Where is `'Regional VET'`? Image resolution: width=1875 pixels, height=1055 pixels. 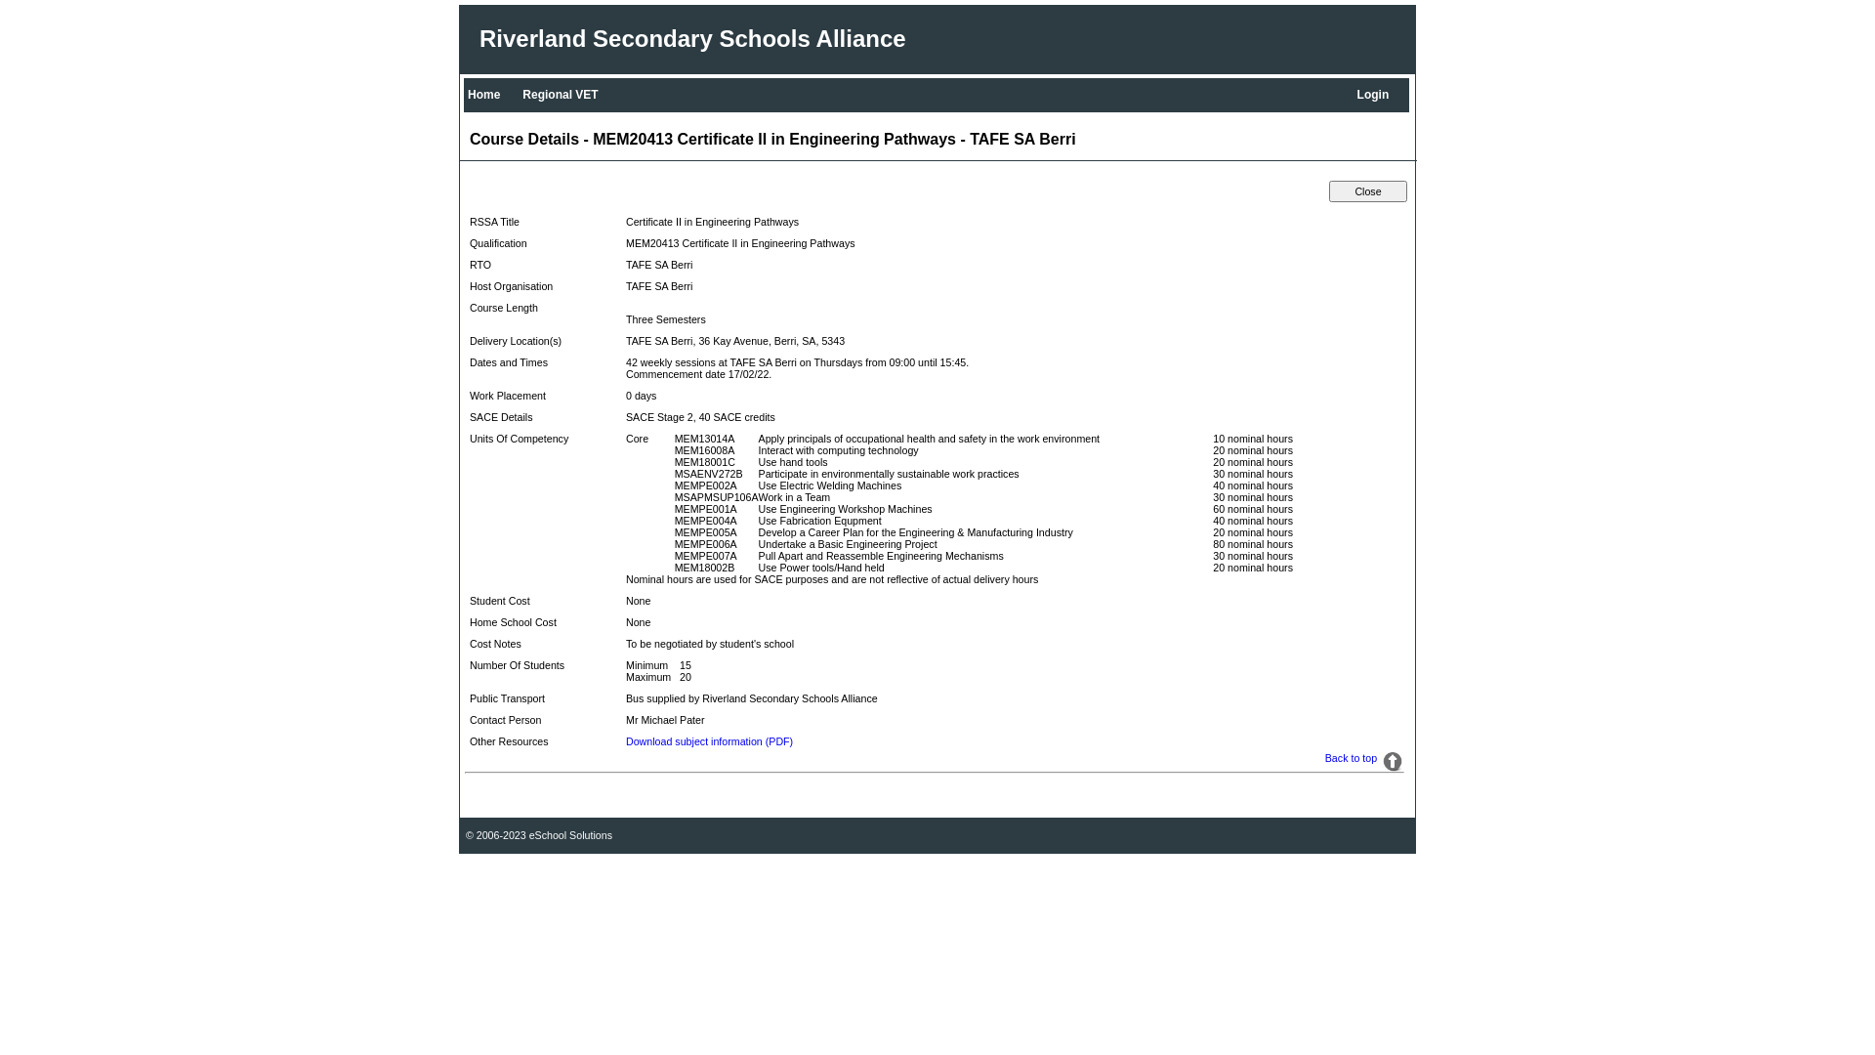
'Regional VET' is located at coordinates (520, 94).